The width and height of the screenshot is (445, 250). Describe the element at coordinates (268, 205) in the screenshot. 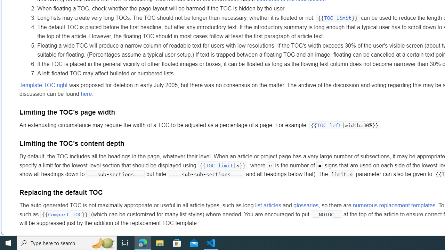

I see `'list articles'` at that location.